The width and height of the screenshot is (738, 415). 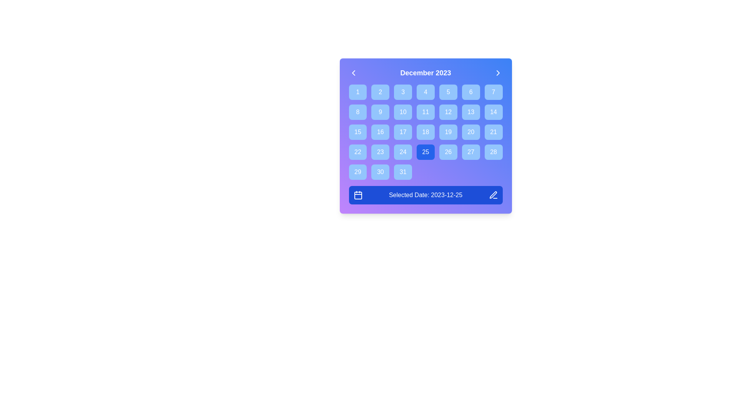 I want to click on the calendar day cell displaying the text '10' with a light blue background, located in the second row and third column of the calendar grid for December 2023, so click(x=402, y=112).